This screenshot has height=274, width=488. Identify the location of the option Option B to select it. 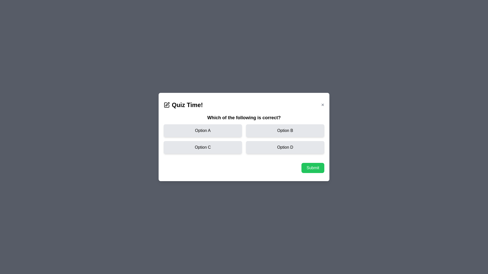
(285, 130).